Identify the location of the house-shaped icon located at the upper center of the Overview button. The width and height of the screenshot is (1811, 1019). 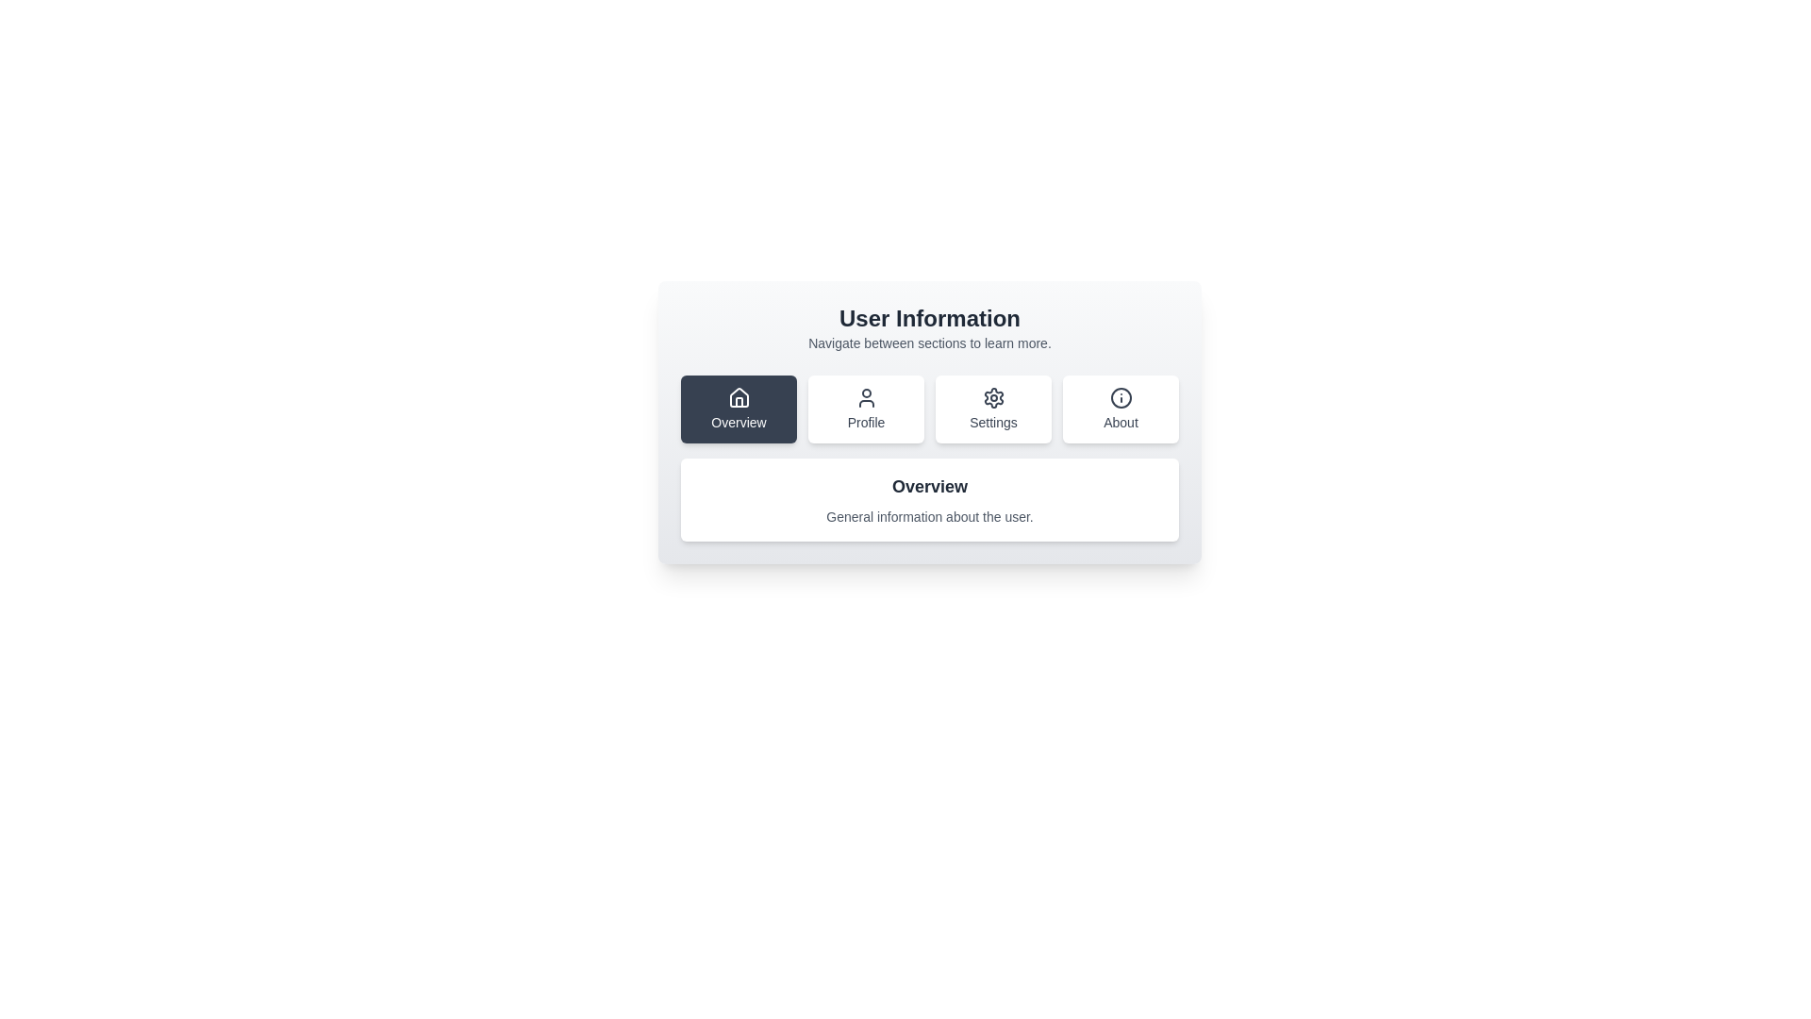
(738, 396).